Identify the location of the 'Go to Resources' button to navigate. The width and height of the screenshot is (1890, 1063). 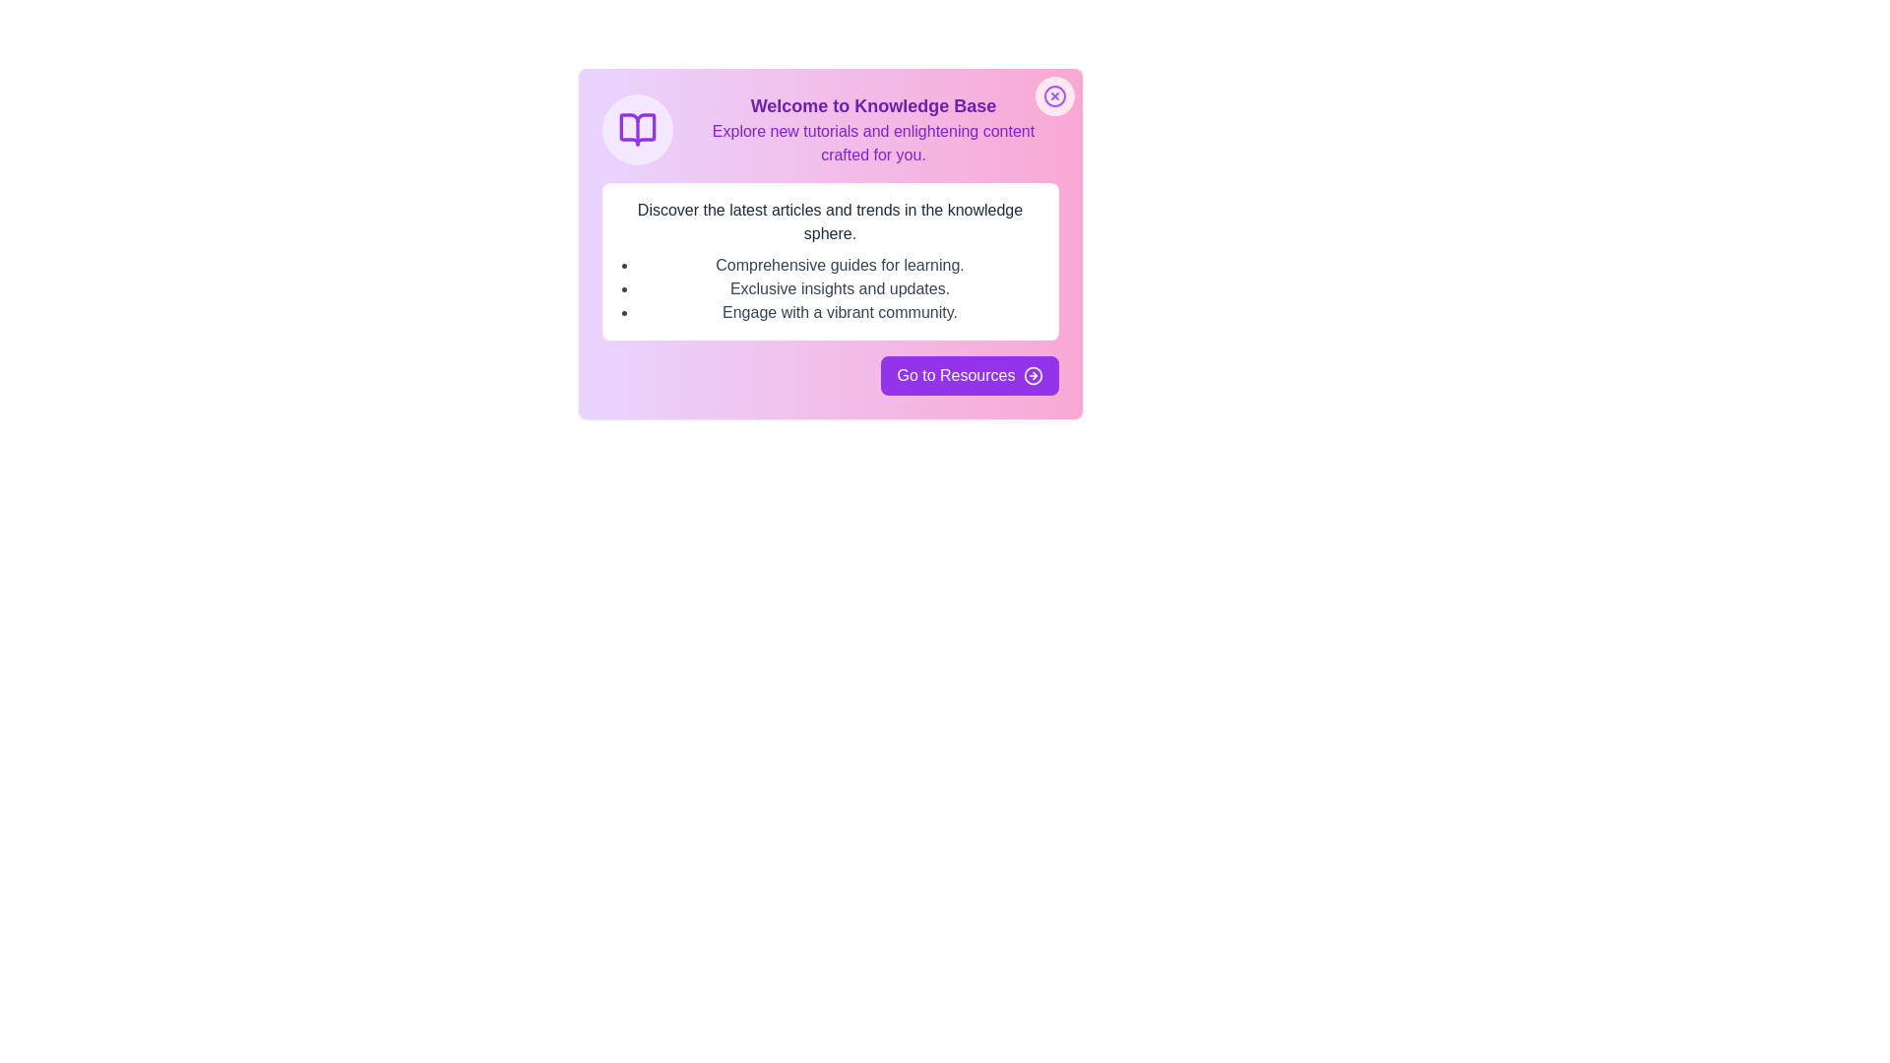
(969, 375).